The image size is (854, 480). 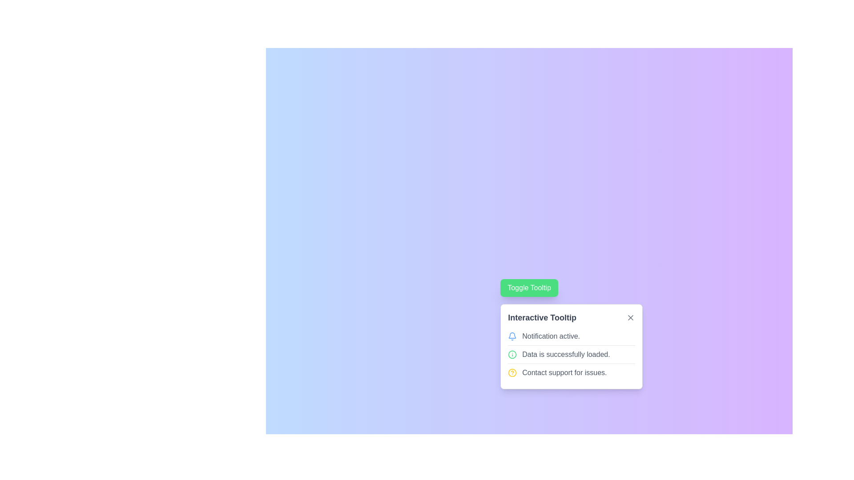 What do you see at coordinates (572, 336) in the screenshot?
I see `notification text from the Informational row that displays 'Notification active.' in the tooltip box located under 'Interactive Tooltip'` at bounding box center [572, 336].